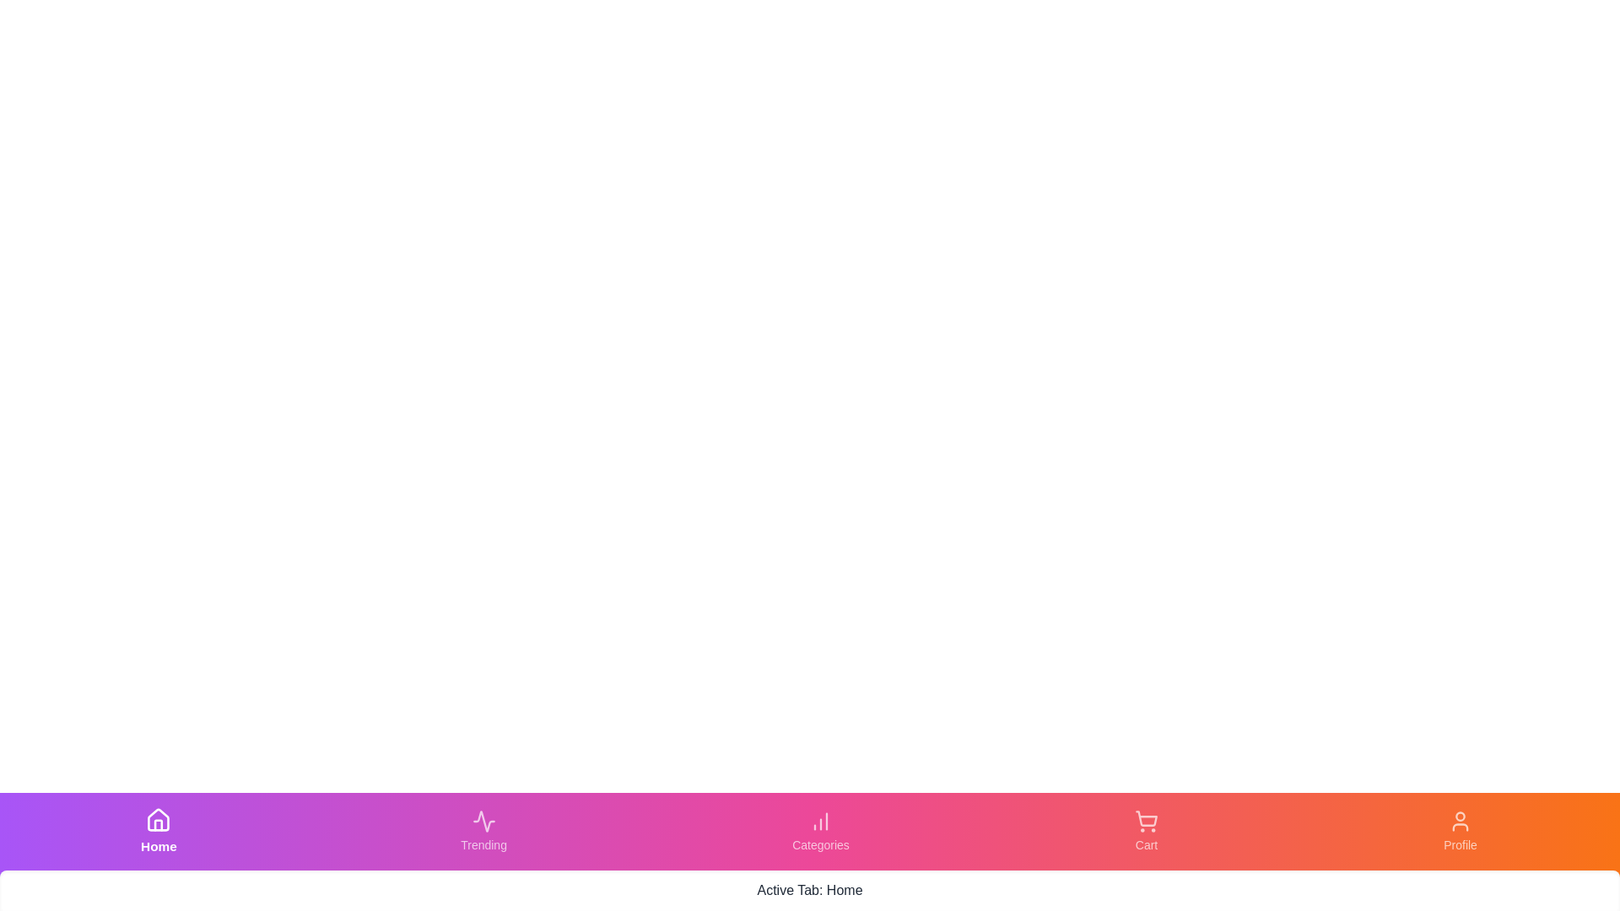 The image size is (1620, 911). I want to click on the Cart tab to activate it, so click(1146, 831).